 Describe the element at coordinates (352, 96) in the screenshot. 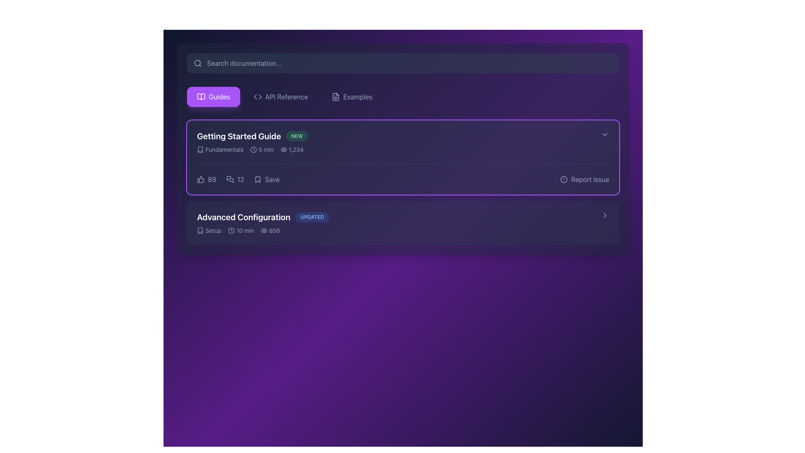

I see `the 'Examples' button, which is a rounded rectangle with a document icon on the left and a light gray label on the right, to change its style` at that location.